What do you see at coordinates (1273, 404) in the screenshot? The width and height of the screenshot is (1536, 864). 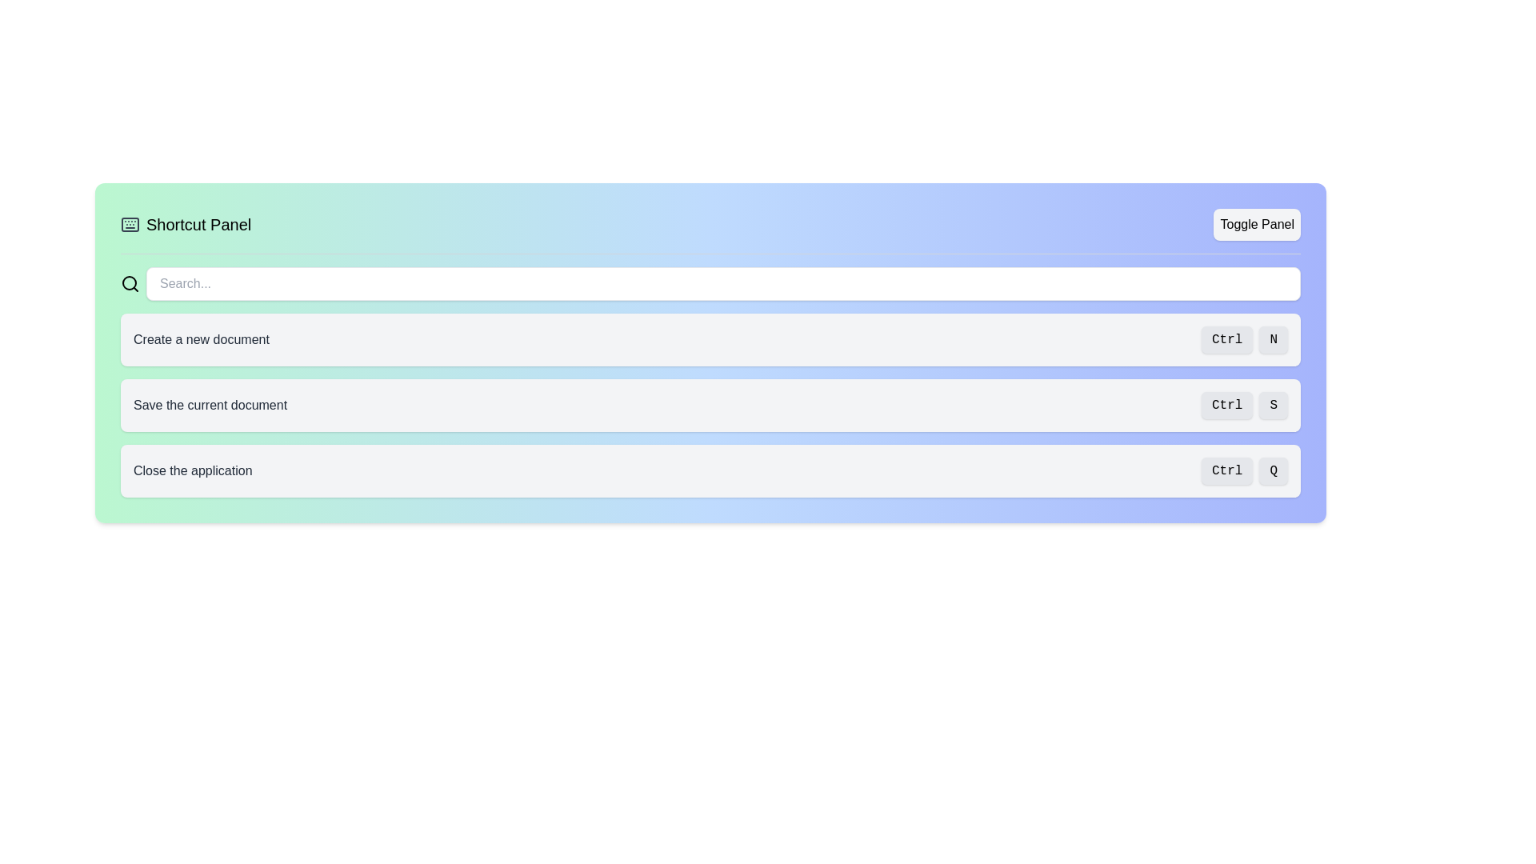 I see `the informational label representing the 'S' key, which is positioned next to the 'Ctrl' button indicating a keyboard shortcut` at bounding box center [1273, 404].